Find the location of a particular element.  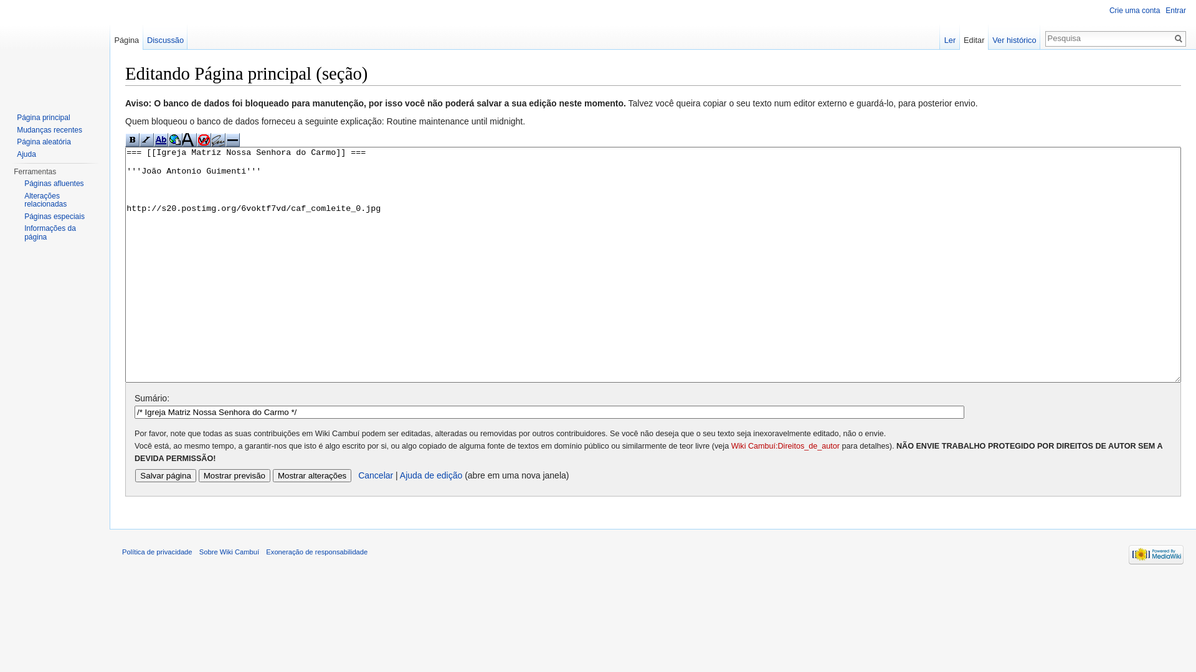

'Ler' is located at coordinates (939, 37).